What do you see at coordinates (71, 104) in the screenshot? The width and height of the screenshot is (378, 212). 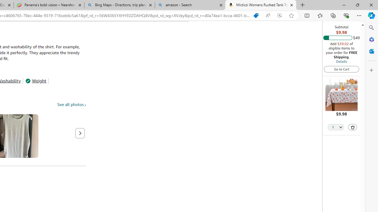 I see `'See all photos'` at bounding box center [71, 104].